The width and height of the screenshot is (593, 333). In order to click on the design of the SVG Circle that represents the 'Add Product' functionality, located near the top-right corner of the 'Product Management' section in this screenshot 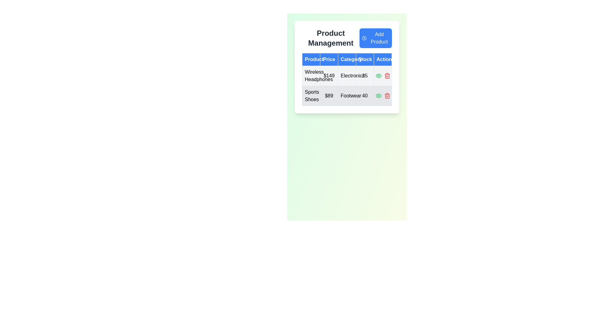, I will do `click(364, 38)`.